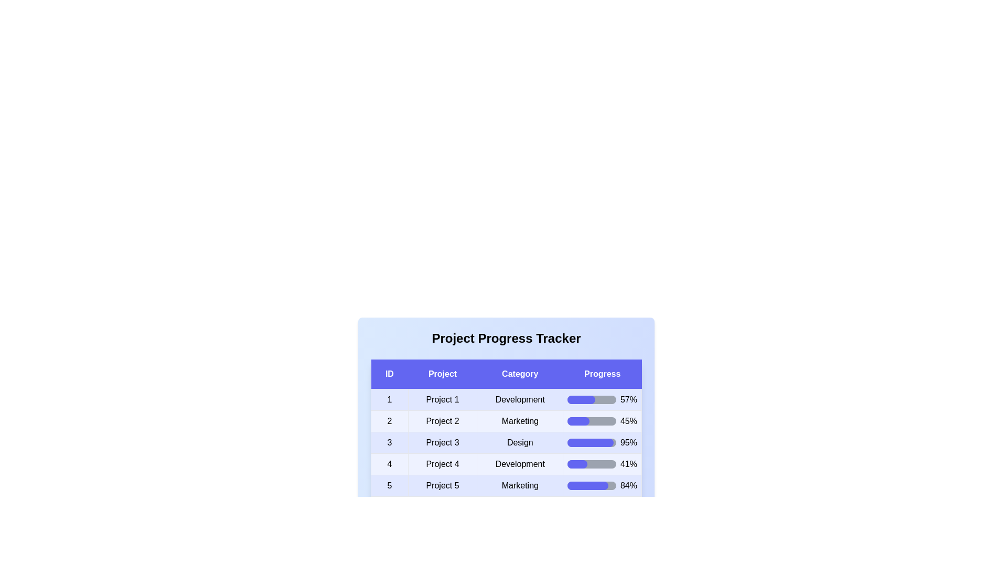 This screenshot has height=566, width=1007. Describe the element at coordinates (389, 420) in the screenshot. I see `the cell corresponding to 2 to select its text` at that location.